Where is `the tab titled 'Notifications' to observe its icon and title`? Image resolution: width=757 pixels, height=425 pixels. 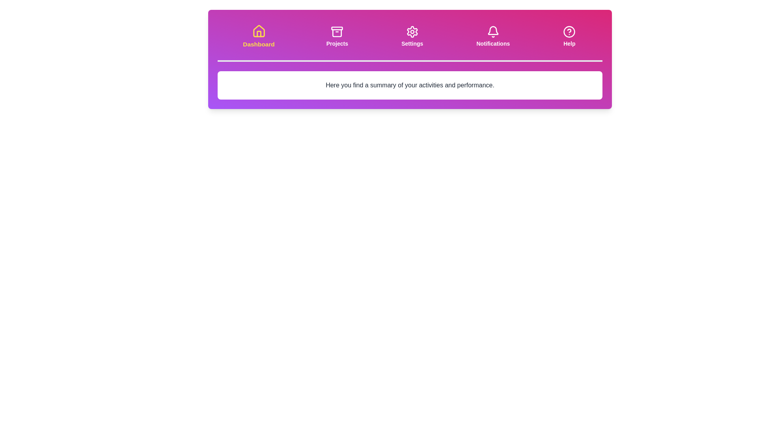 the tab titled 'Notifications' to observe its icon and title is located at coordinates (493, 36).